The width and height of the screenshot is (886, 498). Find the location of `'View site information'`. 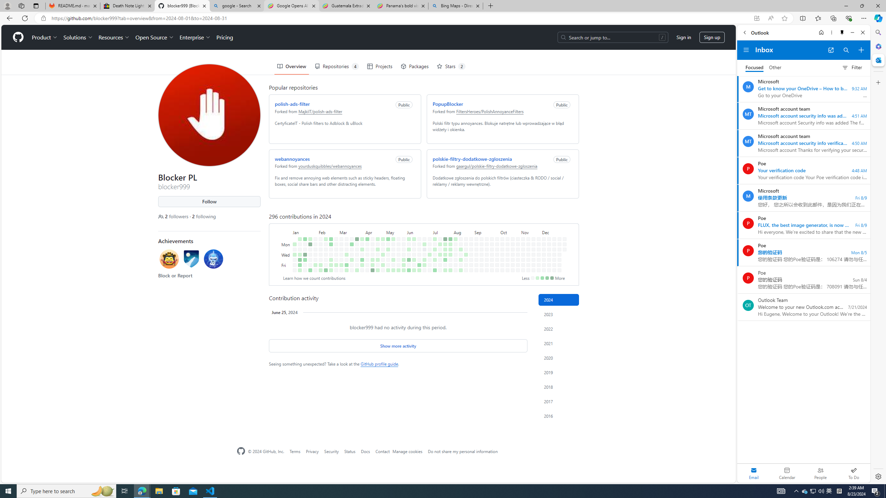

'View site information' is located at coordinates (43, 18).